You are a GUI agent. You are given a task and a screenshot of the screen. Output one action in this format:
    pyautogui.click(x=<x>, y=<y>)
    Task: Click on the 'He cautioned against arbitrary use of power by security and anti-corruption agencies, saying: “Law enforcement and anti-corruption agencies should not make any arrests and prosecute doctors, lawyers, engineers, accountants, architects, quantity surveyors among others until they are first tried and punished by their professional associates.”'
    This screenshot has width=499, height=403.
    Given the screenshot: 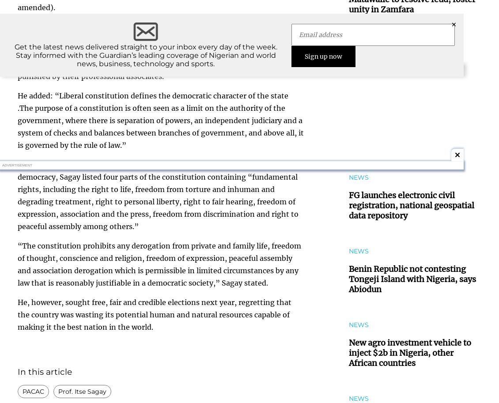 What is the action you would take?
    pyautogui.click(x=153, y=51)
    